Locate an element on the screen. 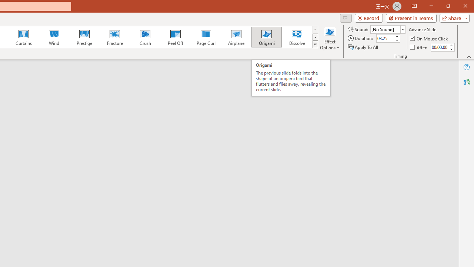  'Apply To All' is located at coordinates (363, 47).